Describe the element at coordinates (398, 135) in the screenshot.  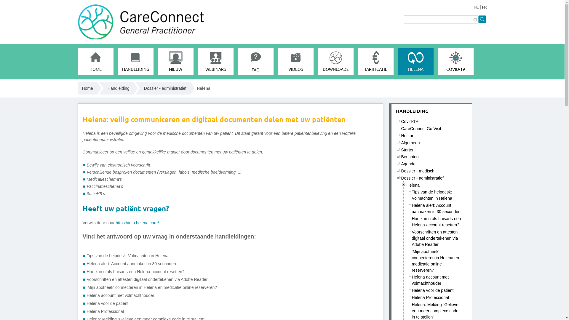
I see `' '` at that location.